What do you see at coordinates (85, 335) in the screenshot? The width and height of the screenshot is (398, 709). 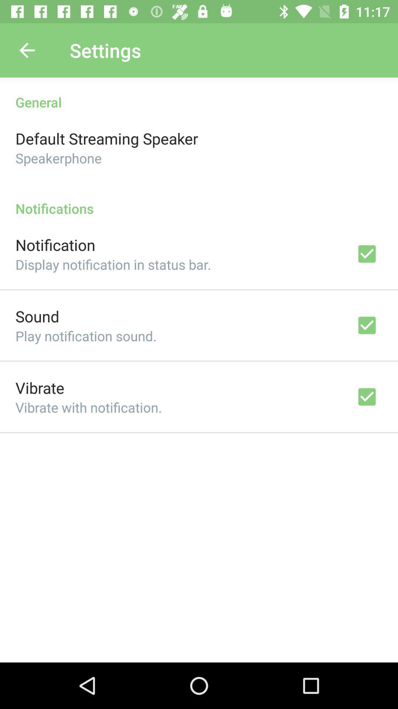 I see `icon above vibrate item` at bounding box center [85, 335].